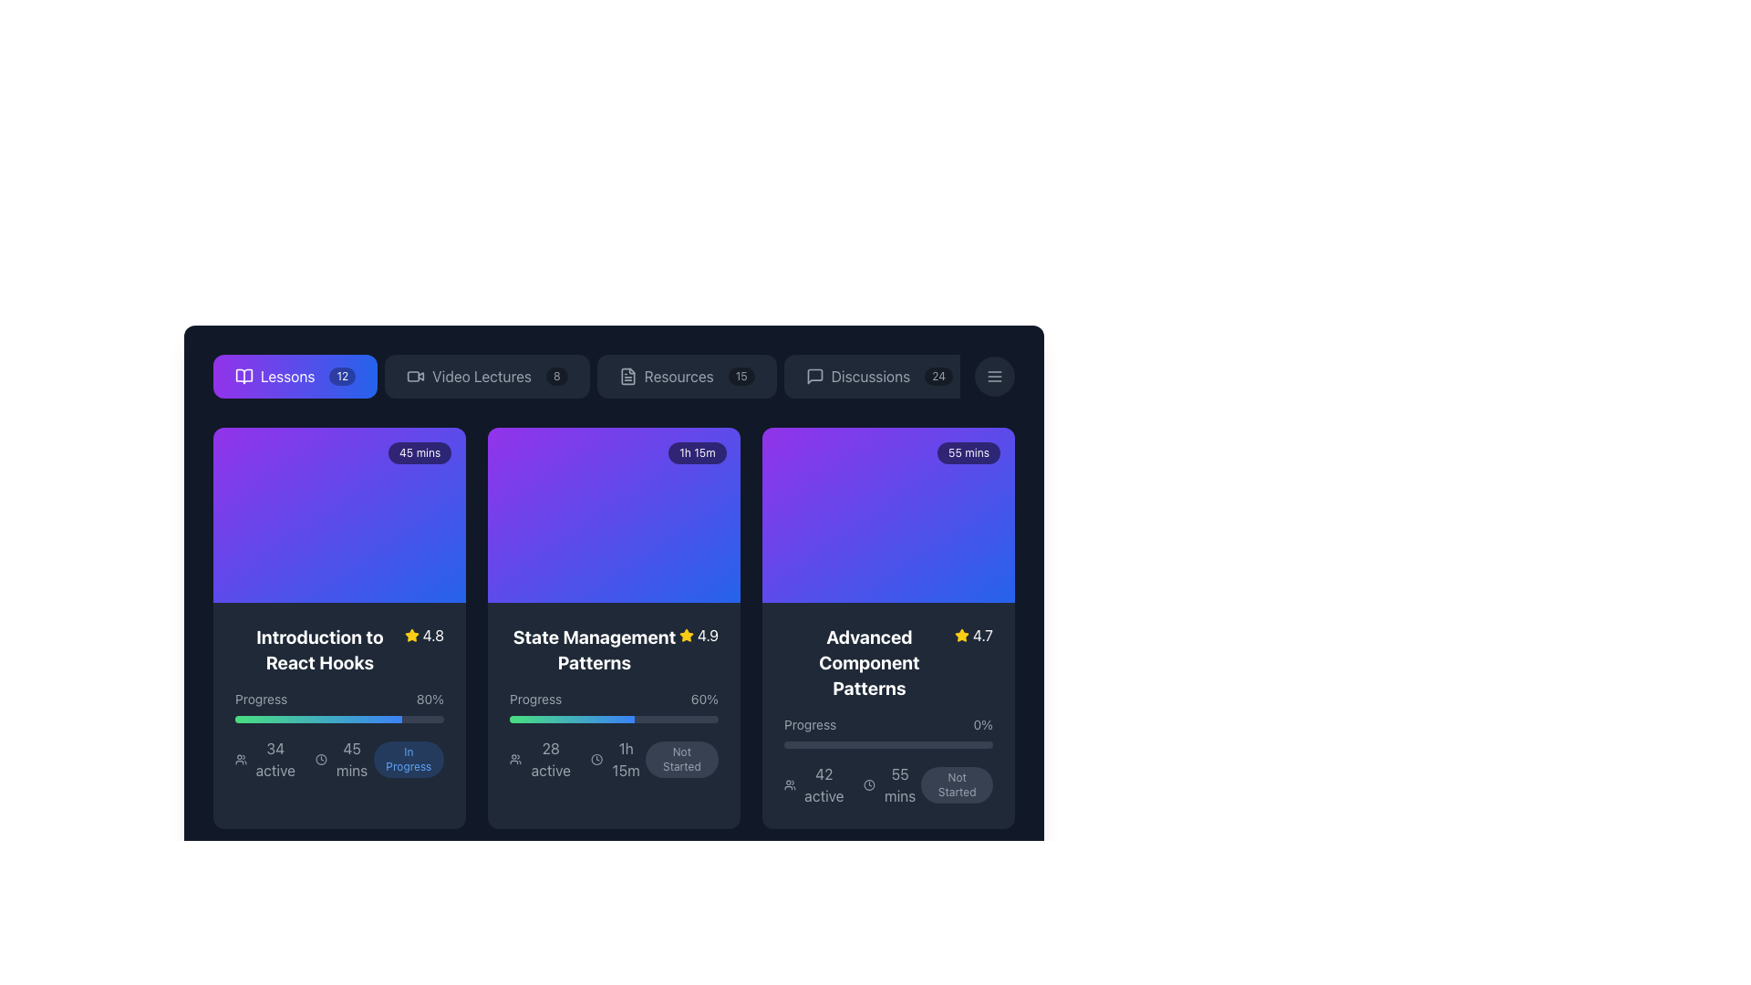 Image resolution: width=1751 pixels, height=985 pixels. What do you see at coordinates (339, 734) in the screenshot?
I see `the progress information display box containing the title 'Progress', the completion percentage '80%', and activity details` at bounding box center [339, 734].